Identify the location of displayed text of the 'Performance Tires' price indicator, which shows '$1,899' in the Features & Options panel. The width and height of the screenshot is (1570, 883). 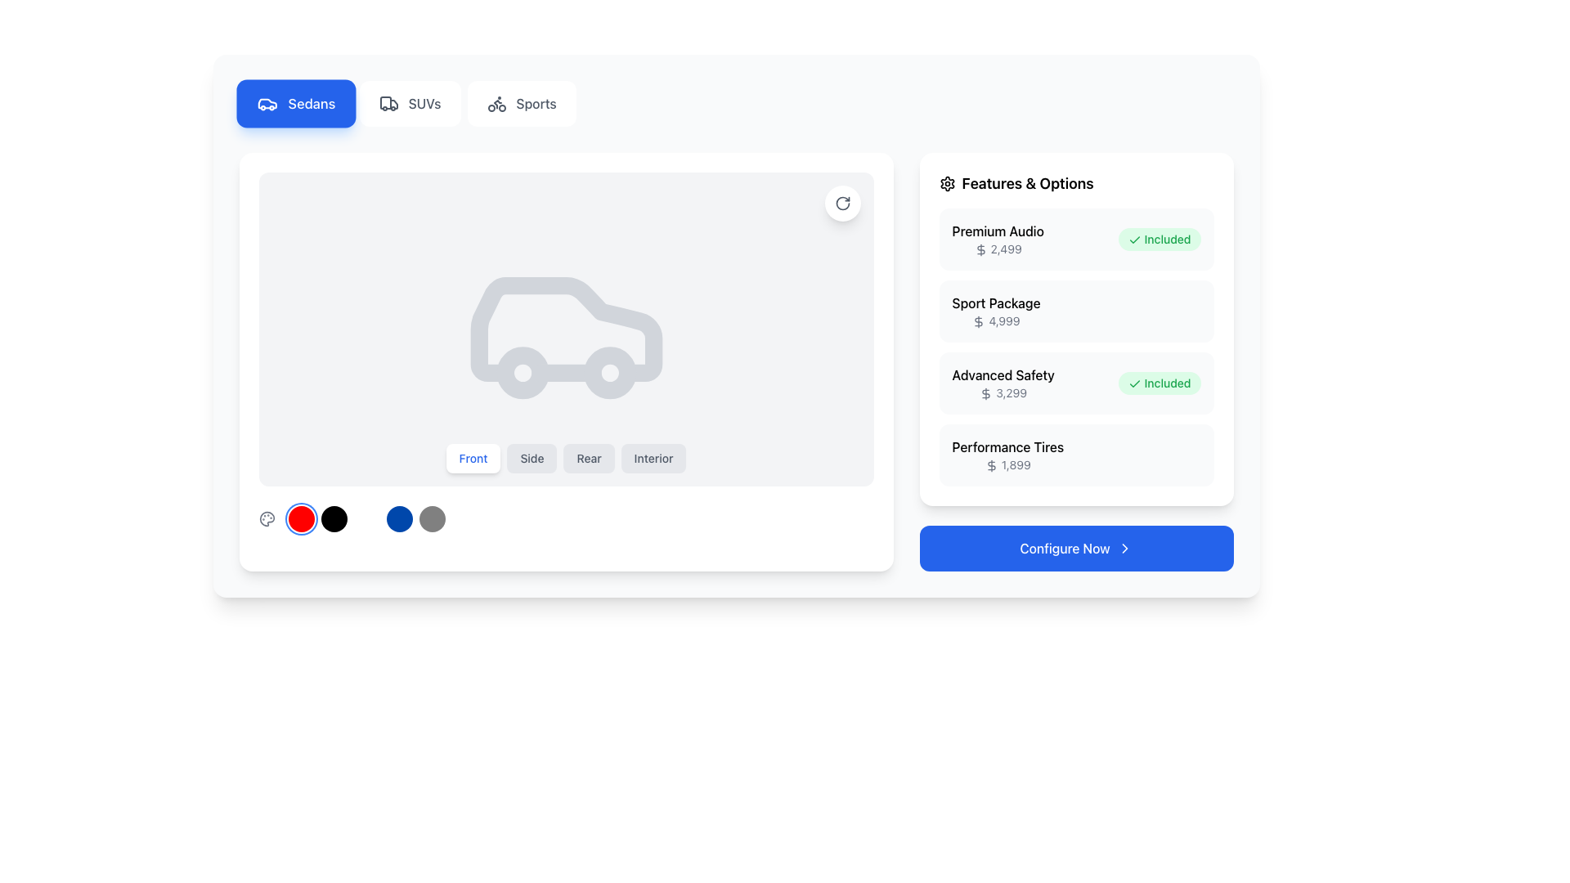
(1007, 455).